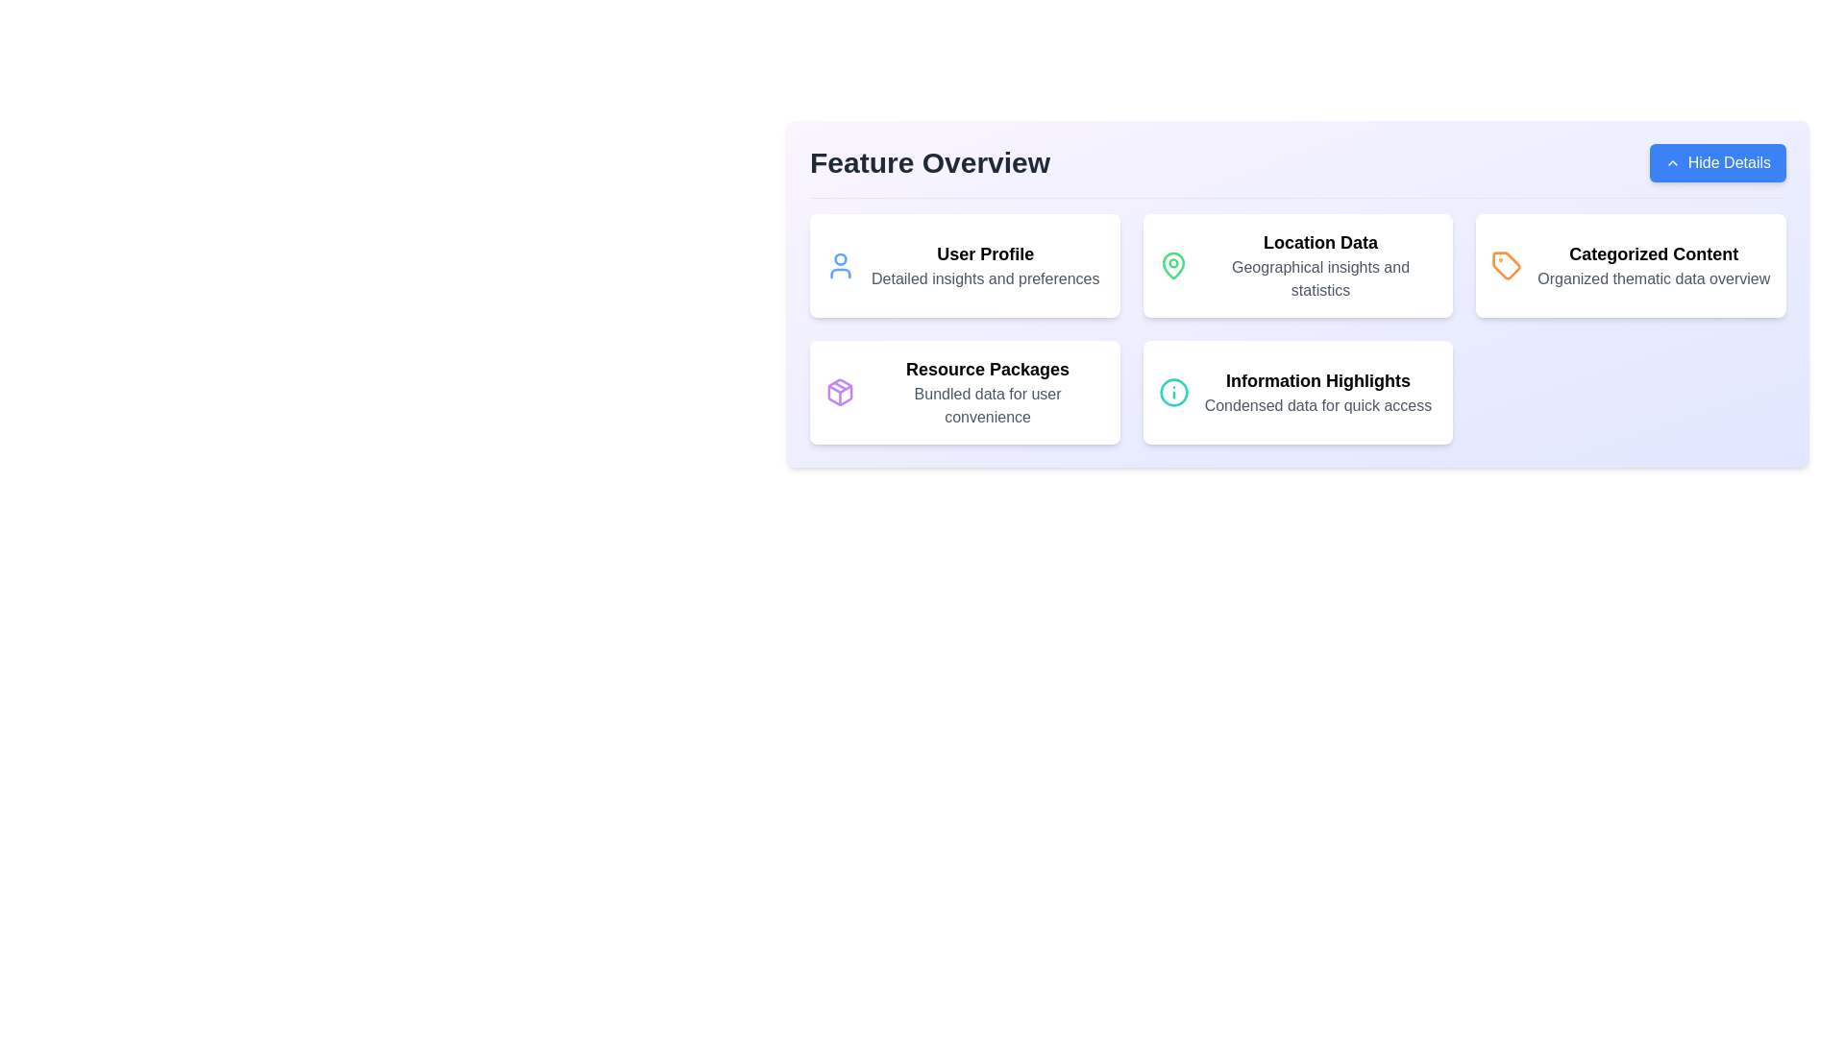 Image resolution: width=1845 pixels, height=1037 pixels. Describe the element at coordinates (1319, 278) in the screenshot. I see `the text block that reads 'Geographical insights and statistics', styled in gray font, located beneath the 'Location Data' heading` at that location.